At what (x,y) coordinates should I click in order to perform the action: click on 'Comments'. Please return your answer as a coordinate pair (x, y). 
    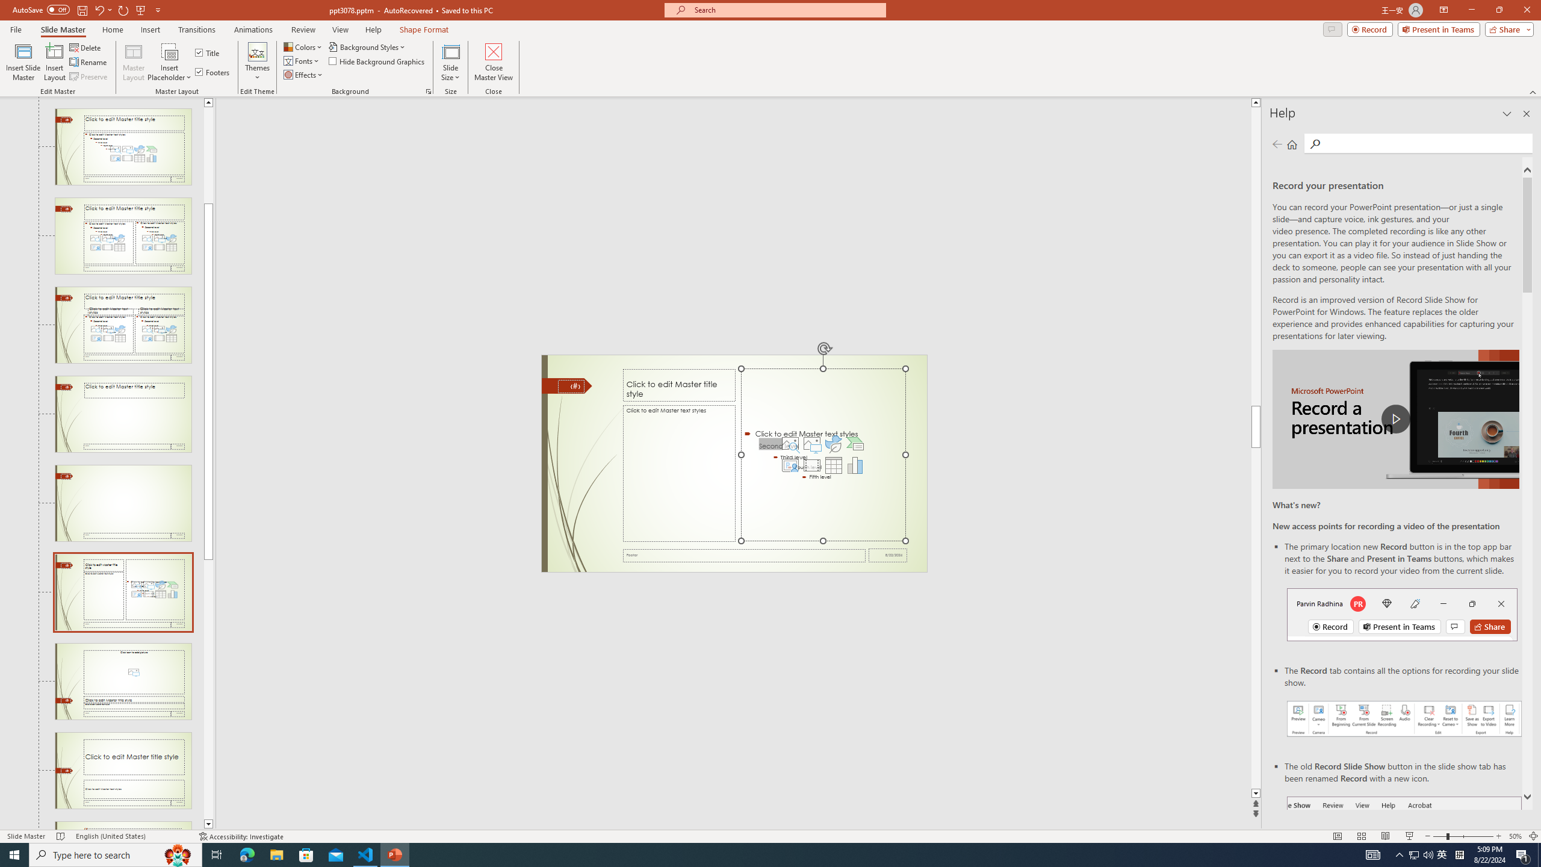
    Looking at the image, I should click on (1332, 28).